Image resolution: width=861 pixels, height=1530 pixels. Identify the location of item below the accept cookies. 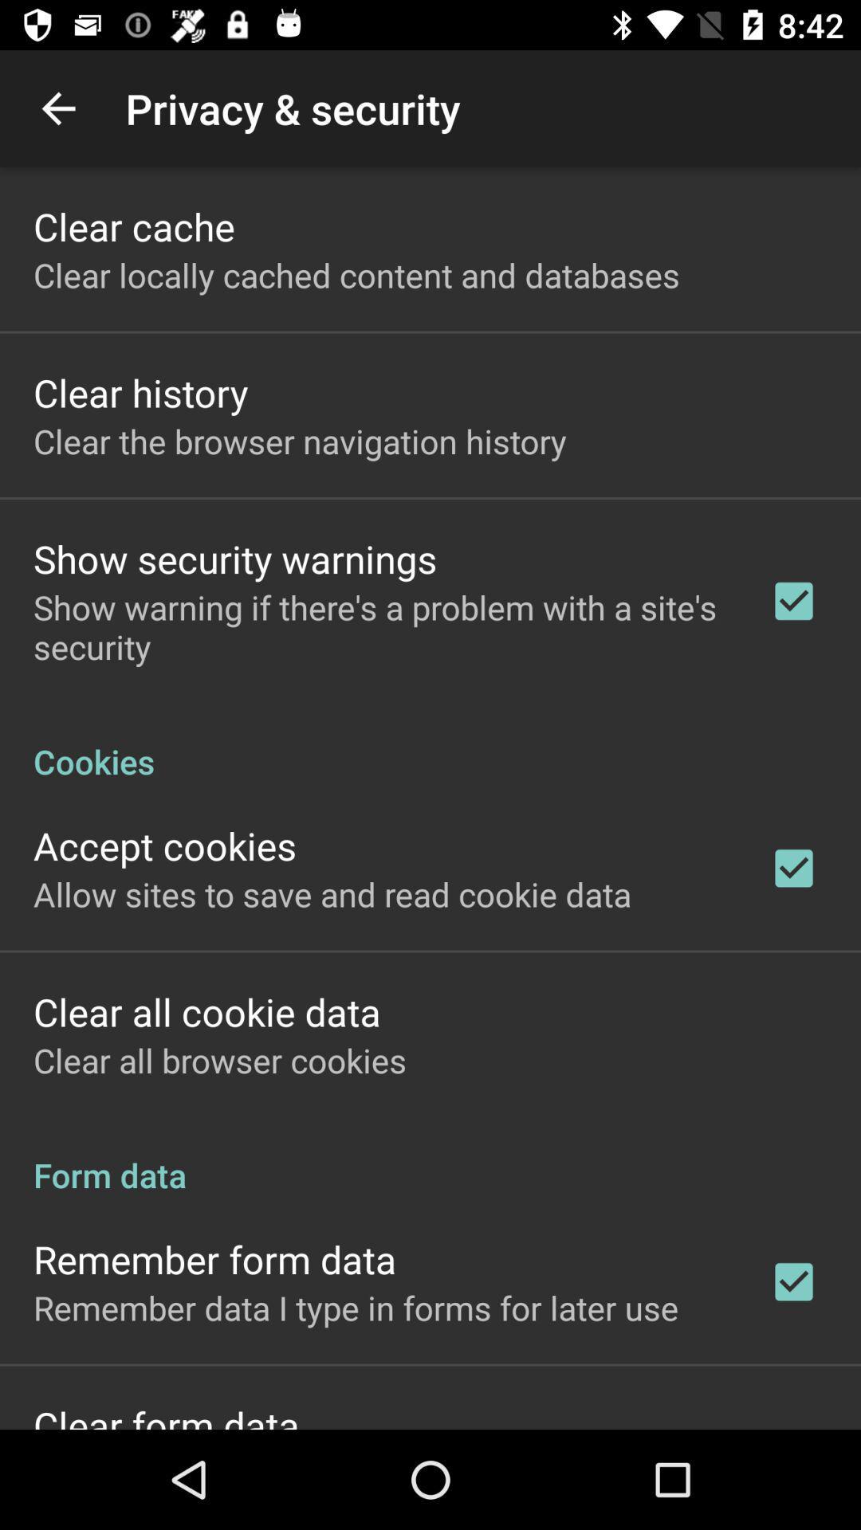
(331, 894).